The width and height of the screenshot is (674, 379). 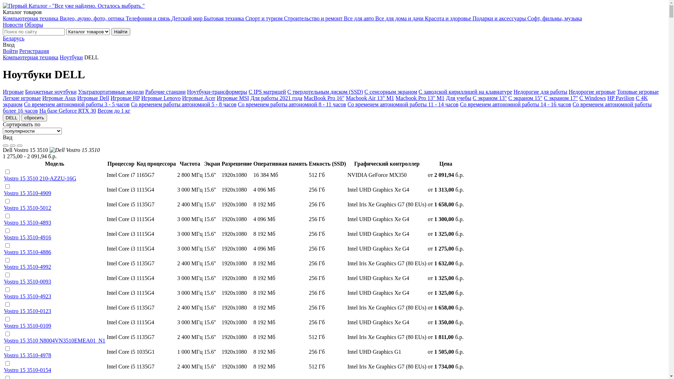 What do you see at coordinates (370, 98) in the screenshot?
I see `'Macbook Air 13" M1'` at bounding box center [370, 98].